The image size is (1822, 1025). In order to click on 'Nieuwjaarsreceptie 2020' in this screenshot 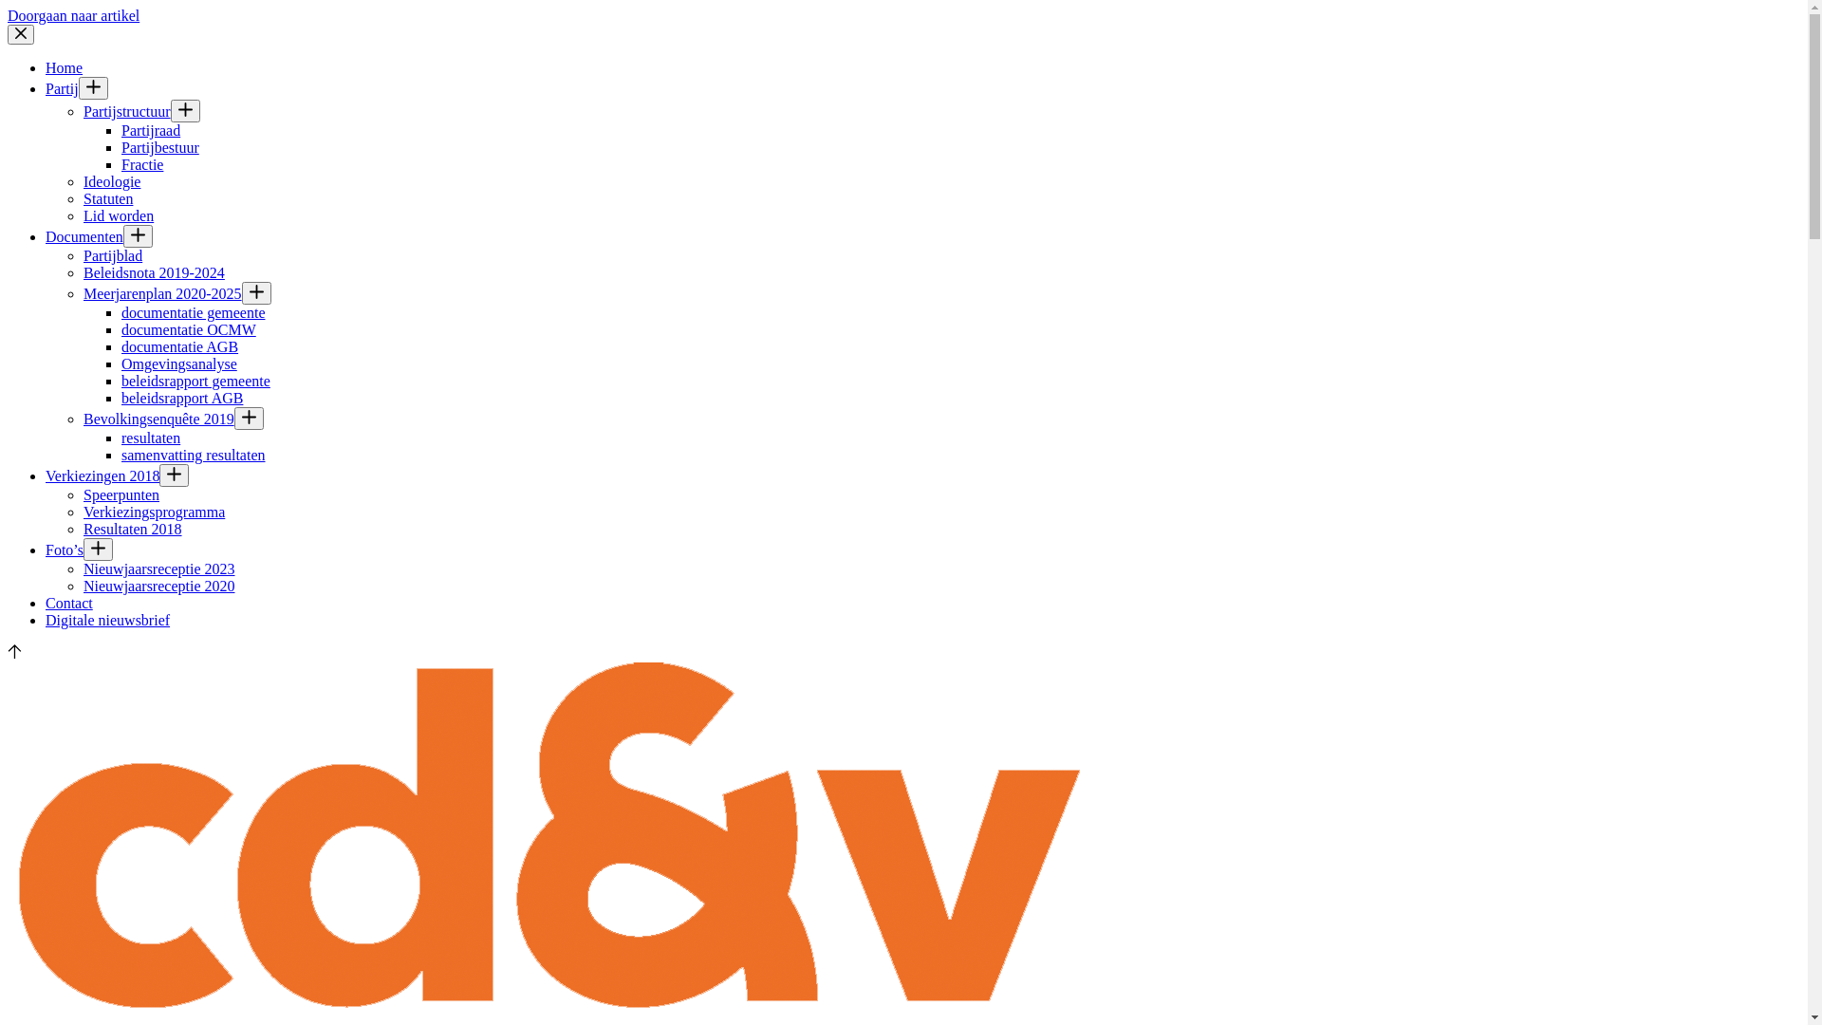, I will do `click(158, 585)`.